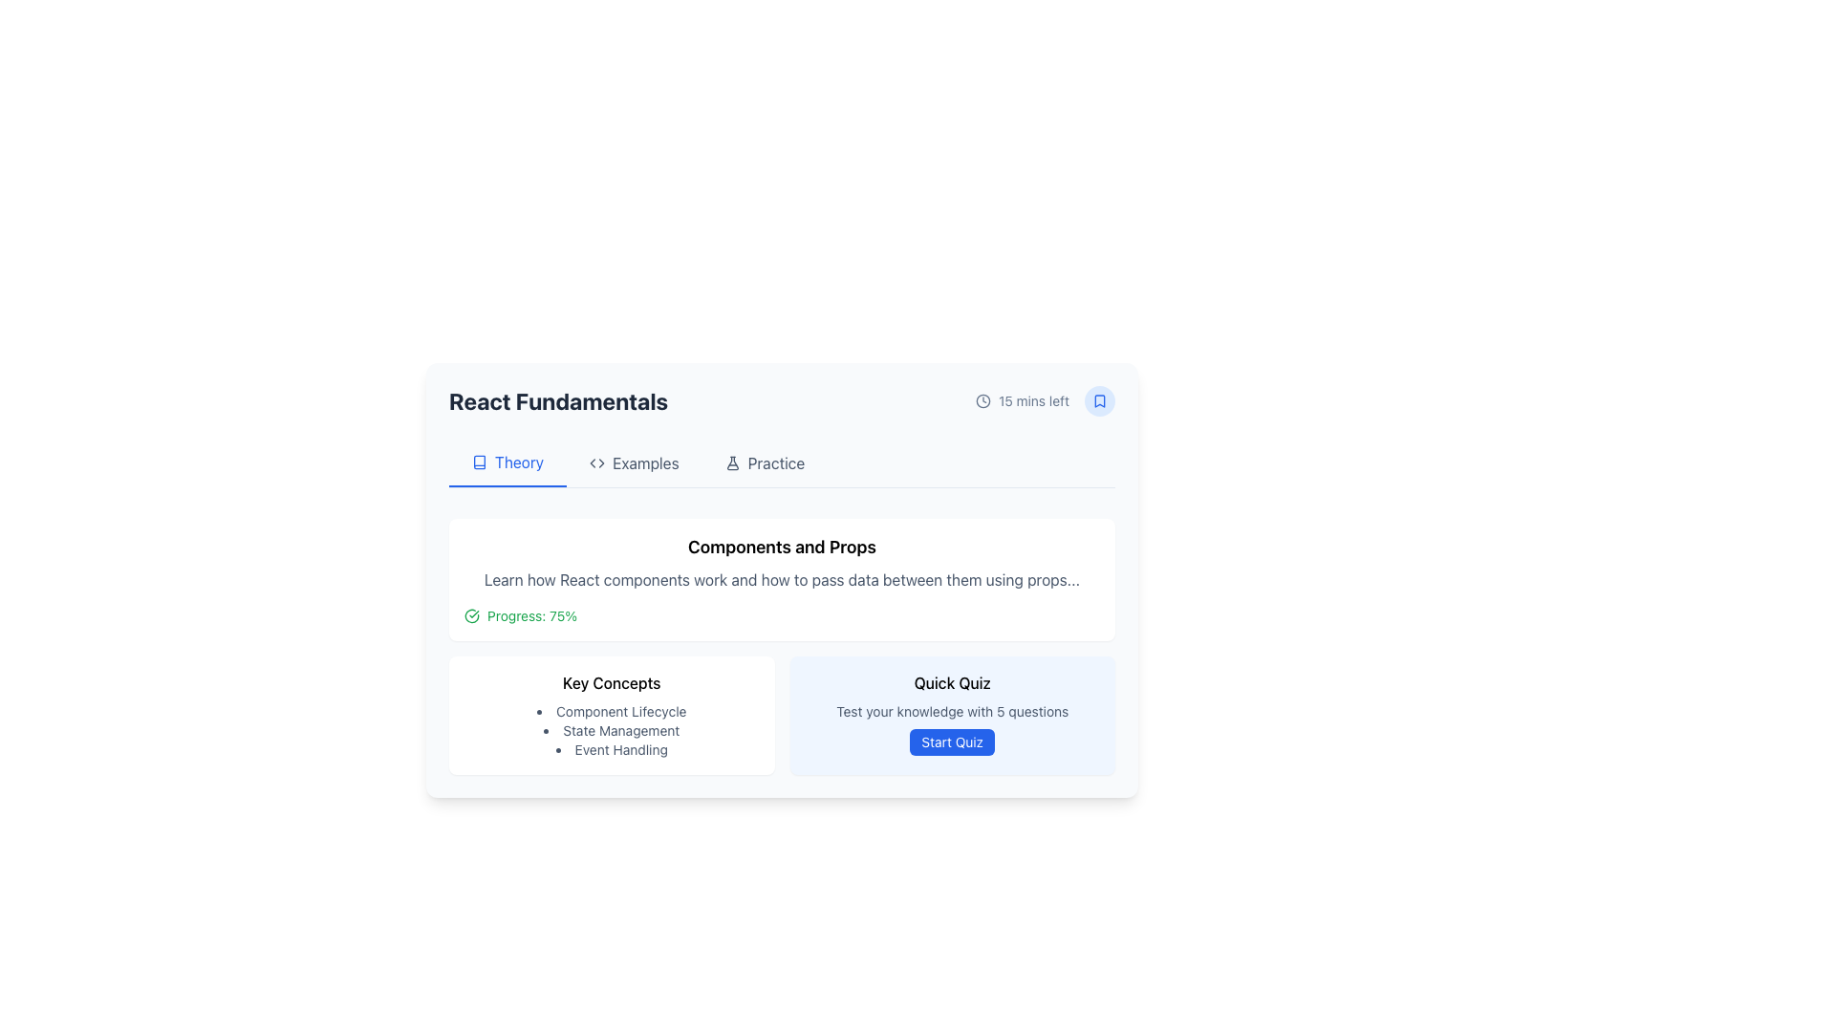  Describe the element at coordinates (507, 463) in the screenshot. I see `the 'Theory' navigation button located at the top-left of the interface` at that location.